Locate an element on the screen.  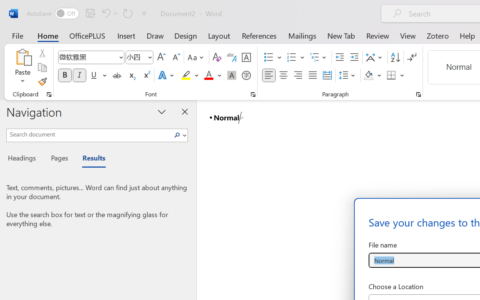
'Cut' is located at coordinates (42, 53).